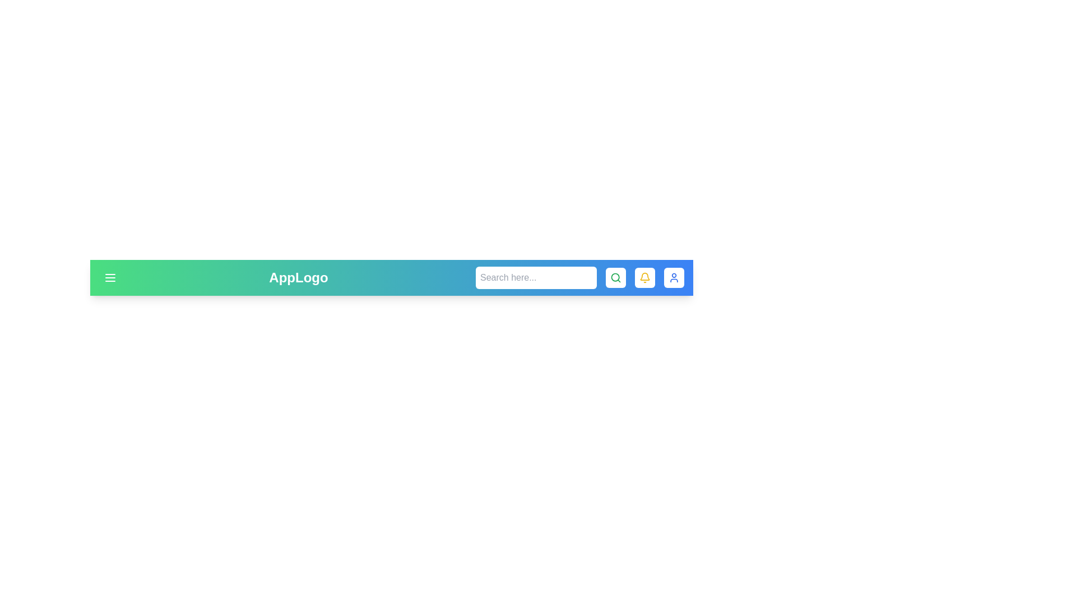 Image resolution: width=1076 pixels, height=605 pixels. What do you see at coordinates (615, 277) in the screenshot?
I see `the search icon to toggle the visibility of the search input` at bounding box center [615, 277].